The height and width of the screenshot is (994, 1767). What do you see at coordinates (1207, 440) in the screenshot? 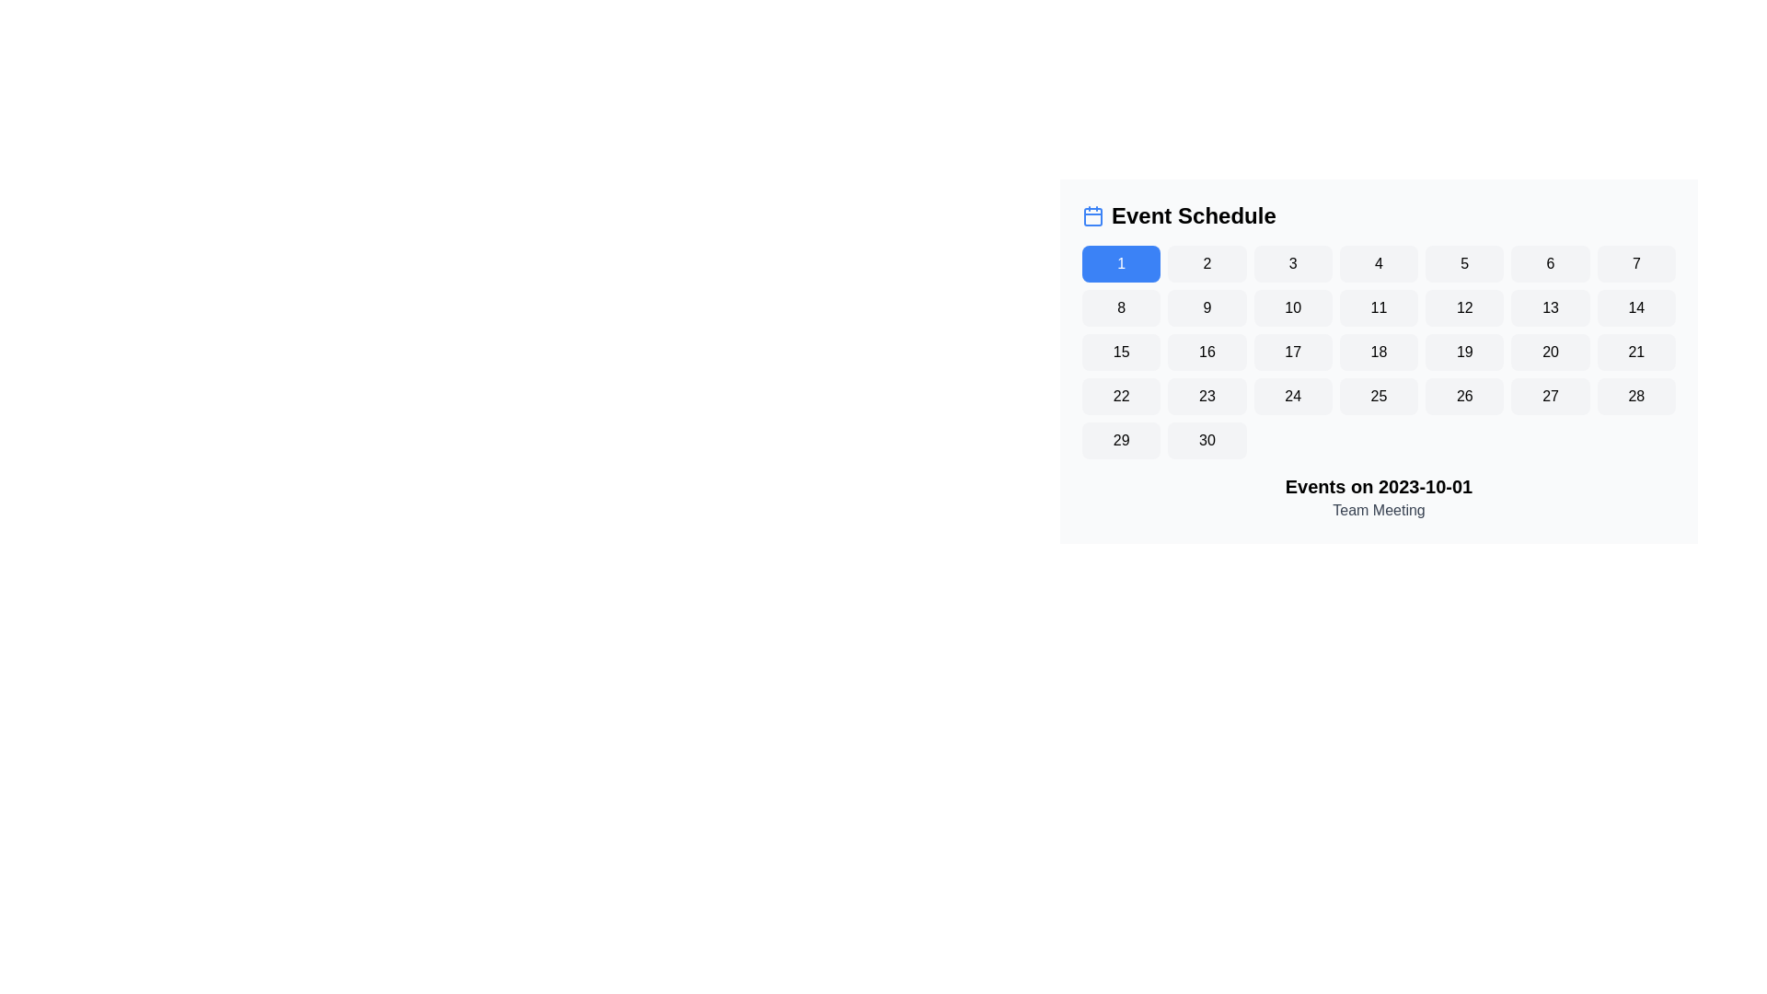
I see `the rectangular button with a light gray background and the text '30' in black, located` at bounding box center [1207, 440].